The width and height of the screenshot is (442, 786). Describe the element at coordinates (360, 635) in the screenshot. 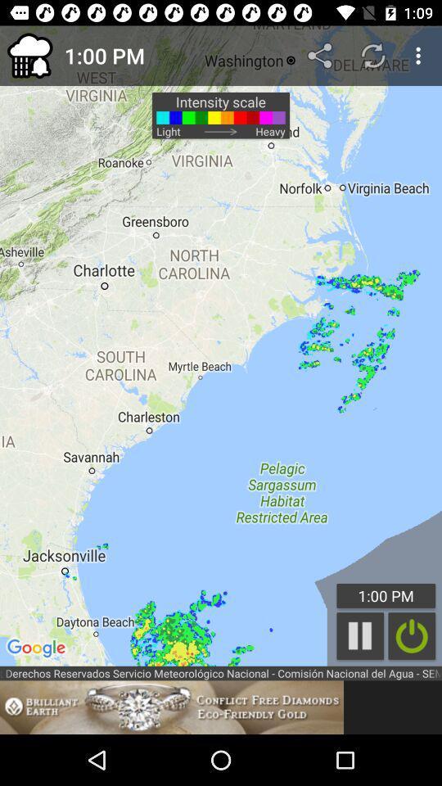

I see `the item above the national weather service item` at that location.